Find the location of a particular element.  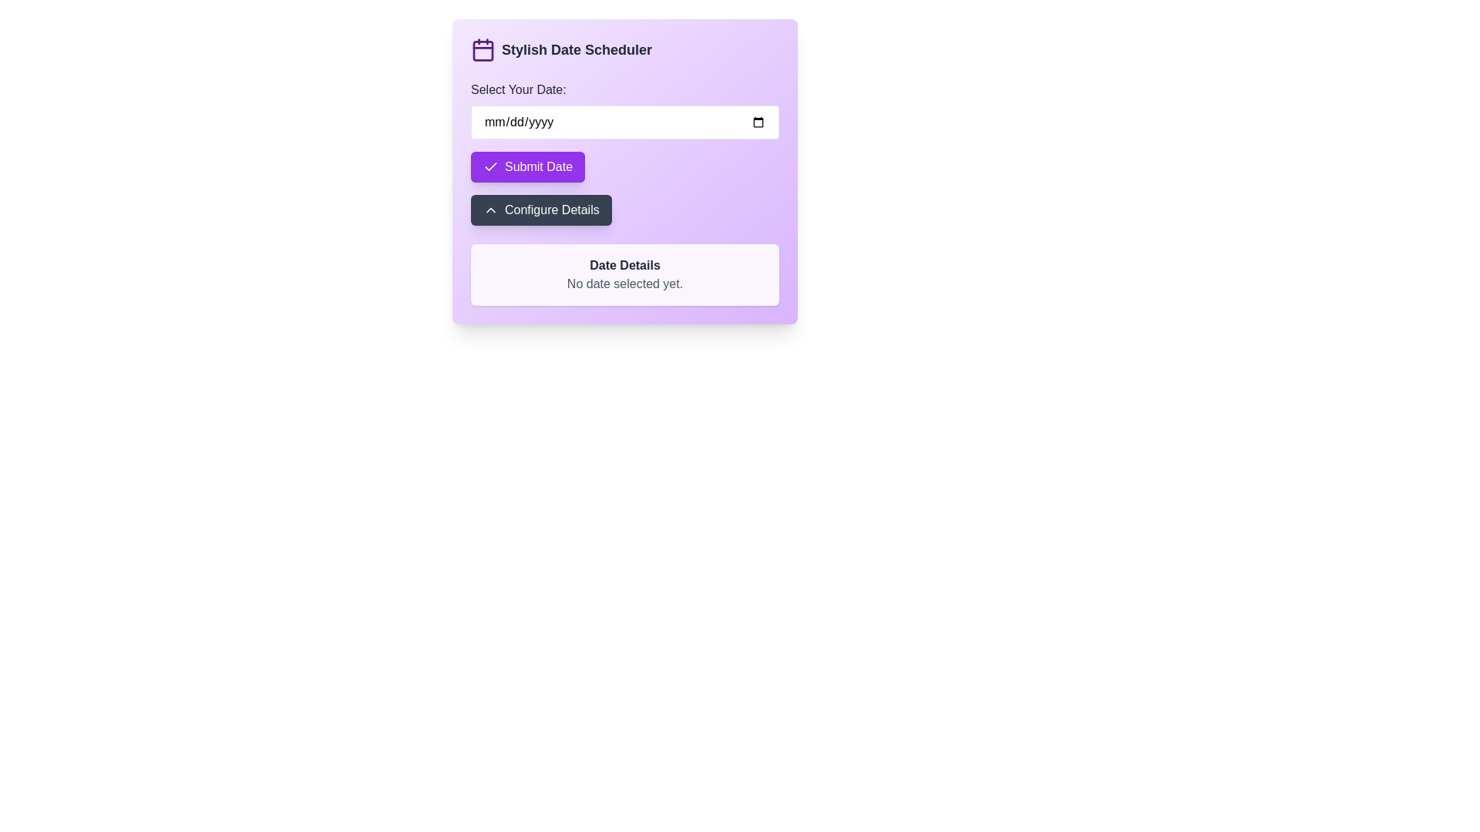

the 'Configure Details' button, which is a rectangular button with white text on a dark gray background, located in the bottom left part of the form layout under the 'Submit Date' button is located at coordinates (541, 210).